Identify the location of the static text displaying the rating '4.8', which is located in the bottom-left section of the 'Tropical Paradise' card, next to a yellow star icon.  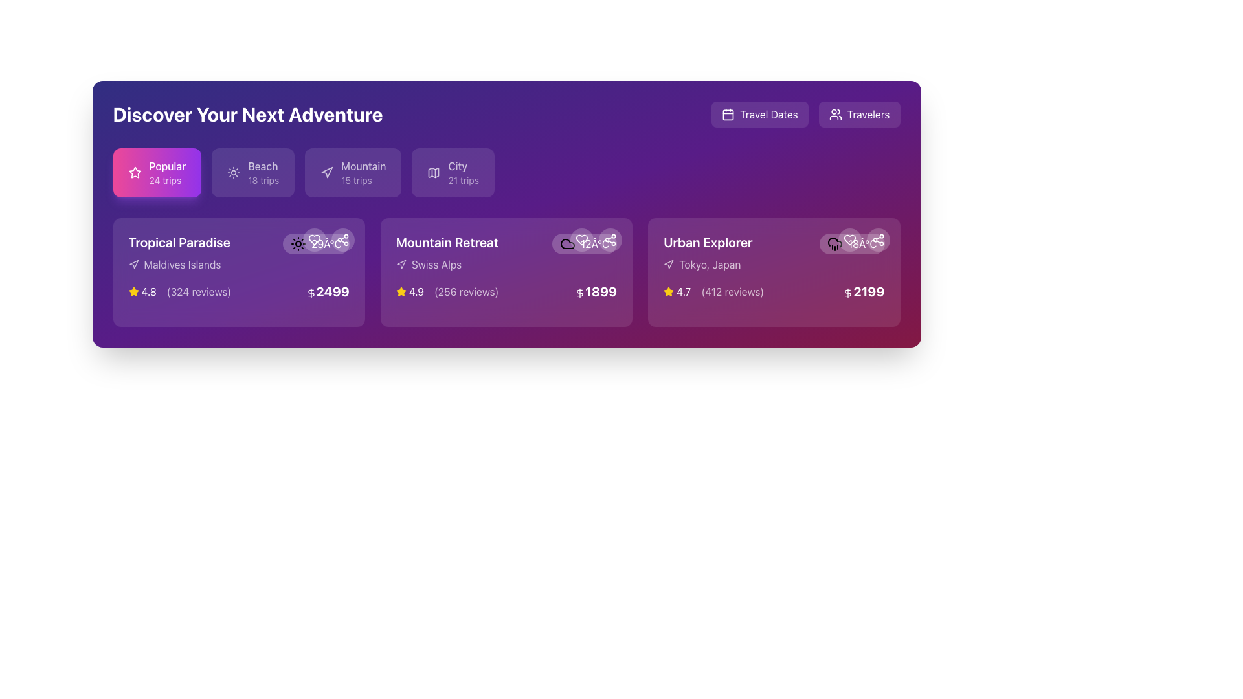
(149, 292).